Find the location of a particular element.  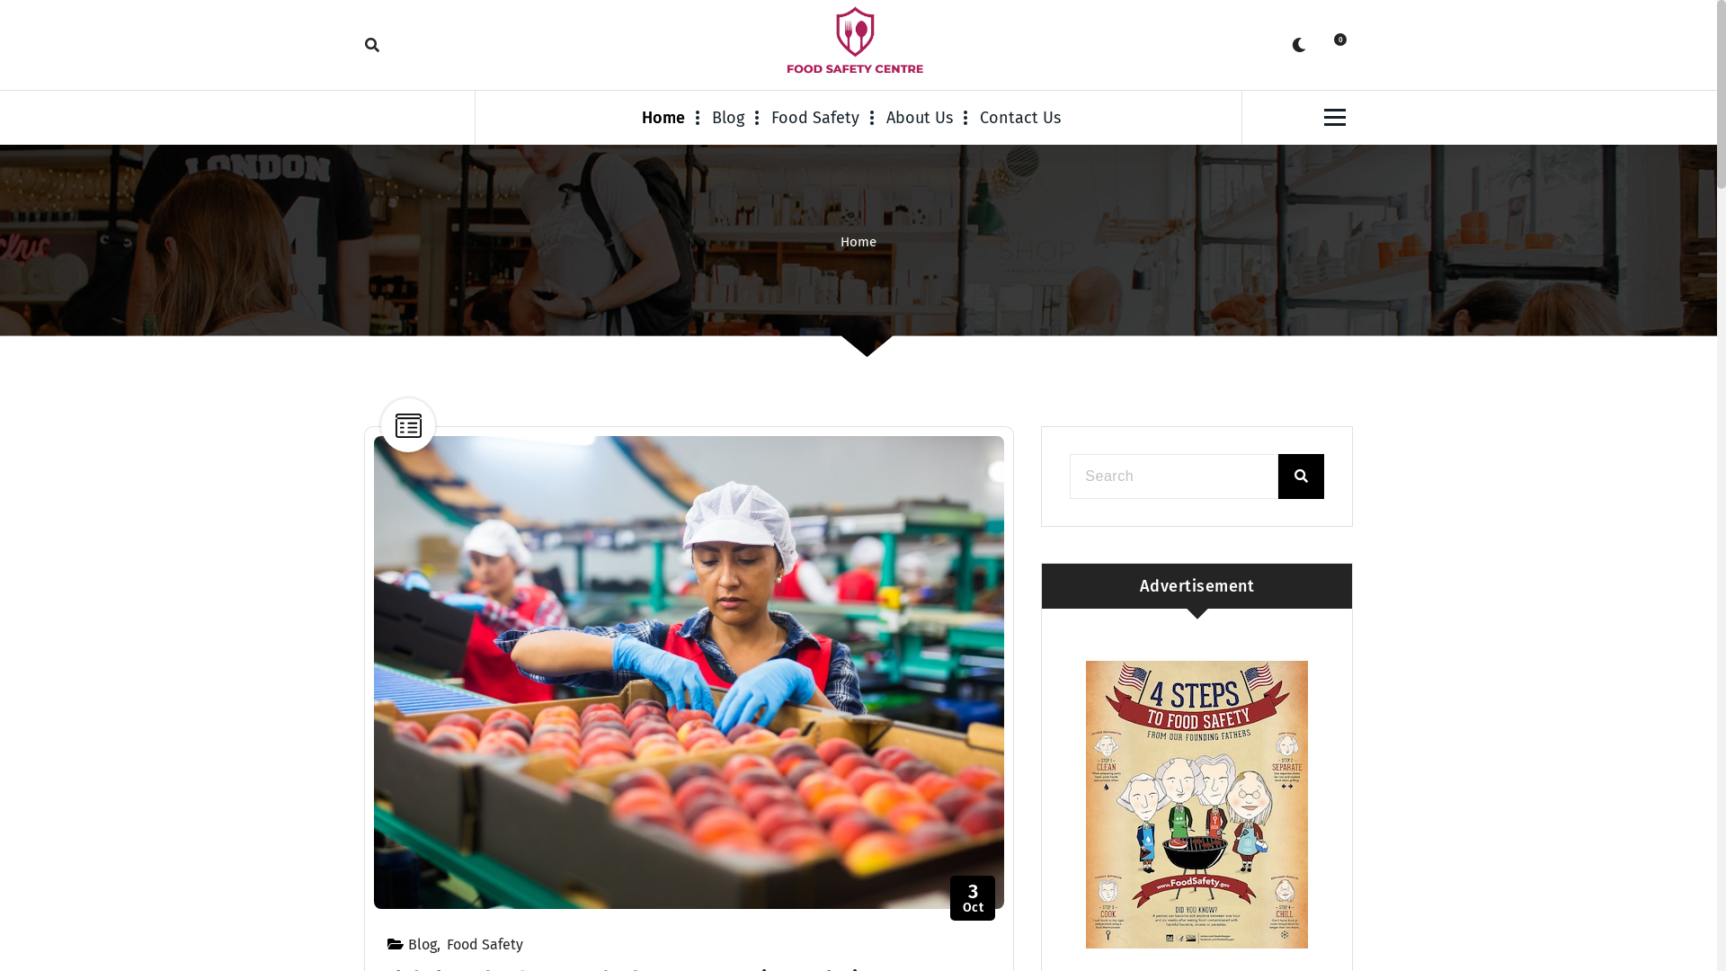

'About Us' is located at coordinates (919, 118).